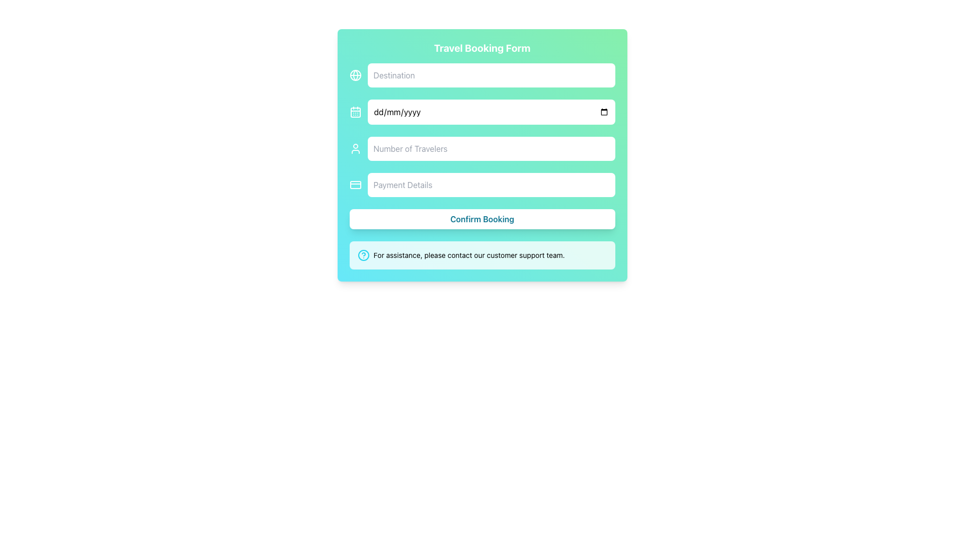 This screenshot has height=543, width=966. I want to click on the informational note element that advises users to contact customer support, located near the bottom of the form layout, after the input fields and 'Confirm Booking' button, so click(468, 255).